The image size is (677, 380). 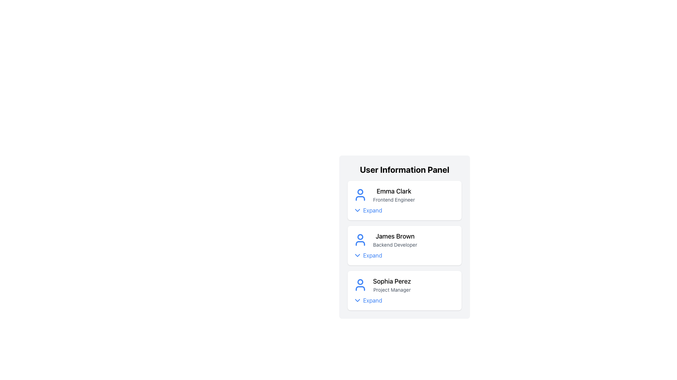 What do you see at coordinates (360, 198) in the screenshot?
I see `the bottom part of the user icon illustration, which represents the shoulders and upper chest, designed in a line art style with blue color, located to the left of the 'Emma Clark, Frontend Engineer' text` at bounding box center [360, 198].